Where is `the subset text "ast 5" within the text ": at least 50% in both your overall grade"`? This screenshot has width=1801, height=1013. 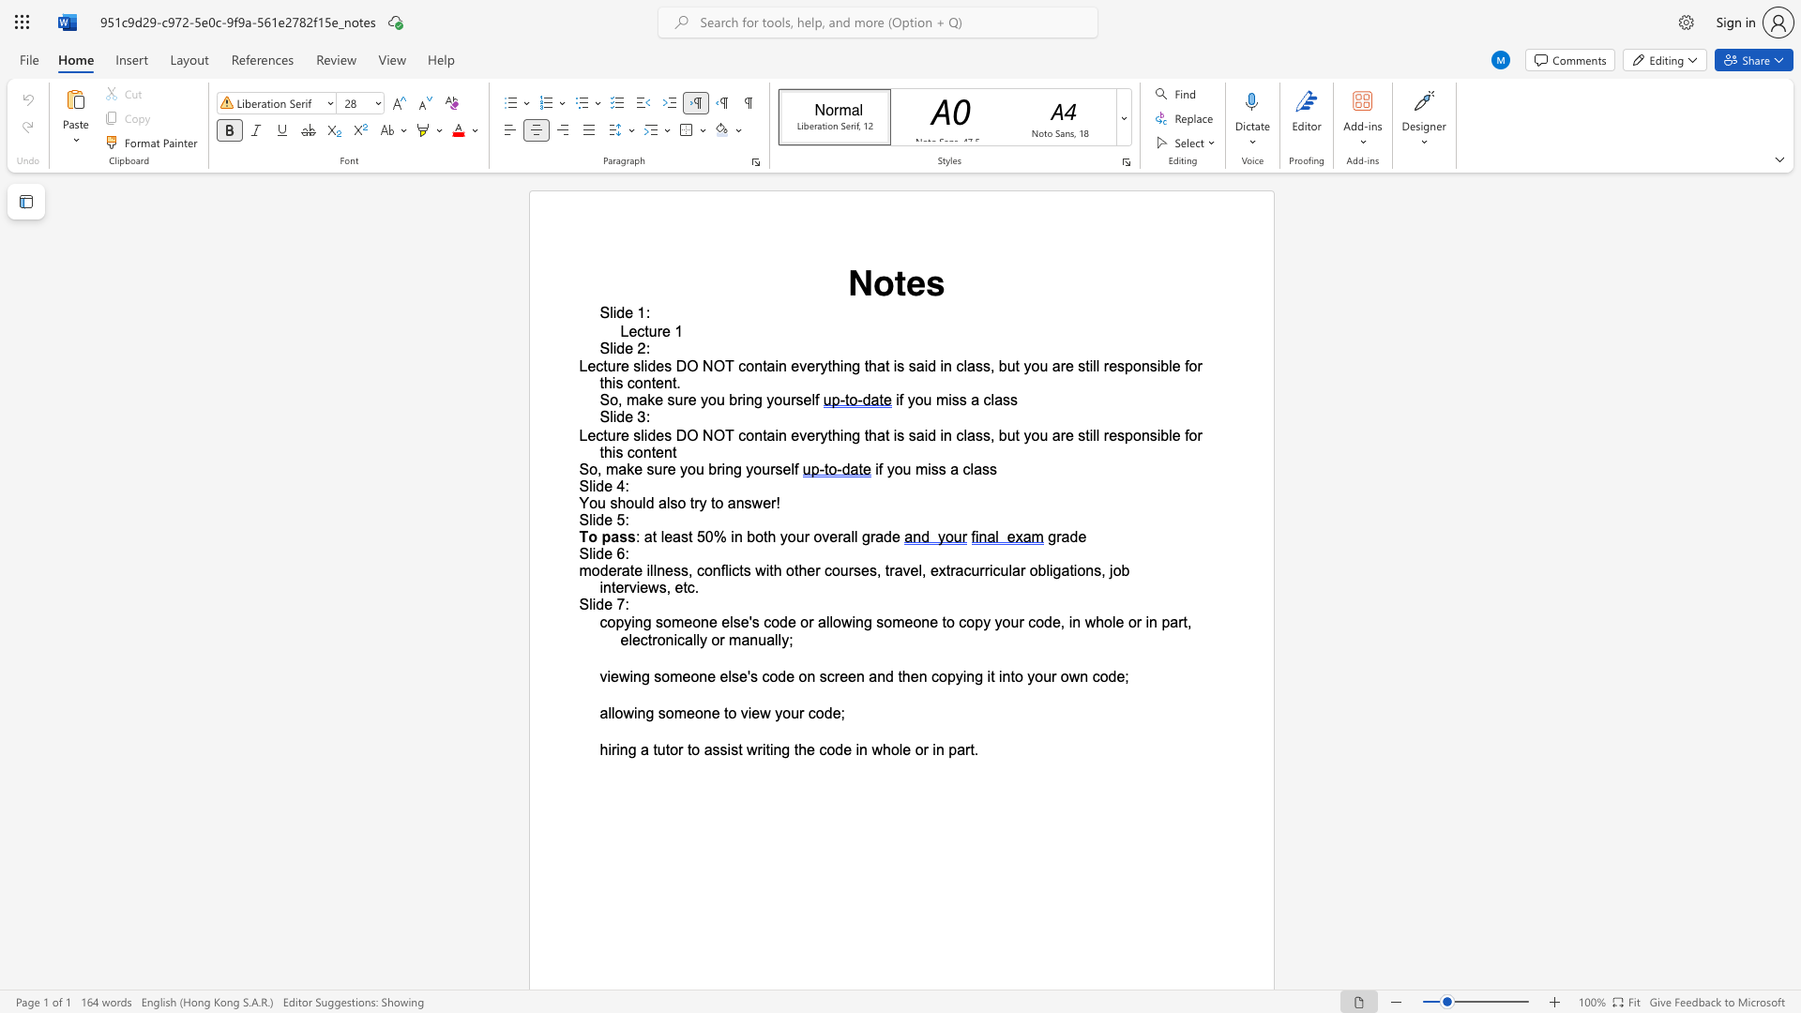 the subset text "ast 5" within the text ": at least 50% in both your overall grade" is located at coordinates (673, 537).